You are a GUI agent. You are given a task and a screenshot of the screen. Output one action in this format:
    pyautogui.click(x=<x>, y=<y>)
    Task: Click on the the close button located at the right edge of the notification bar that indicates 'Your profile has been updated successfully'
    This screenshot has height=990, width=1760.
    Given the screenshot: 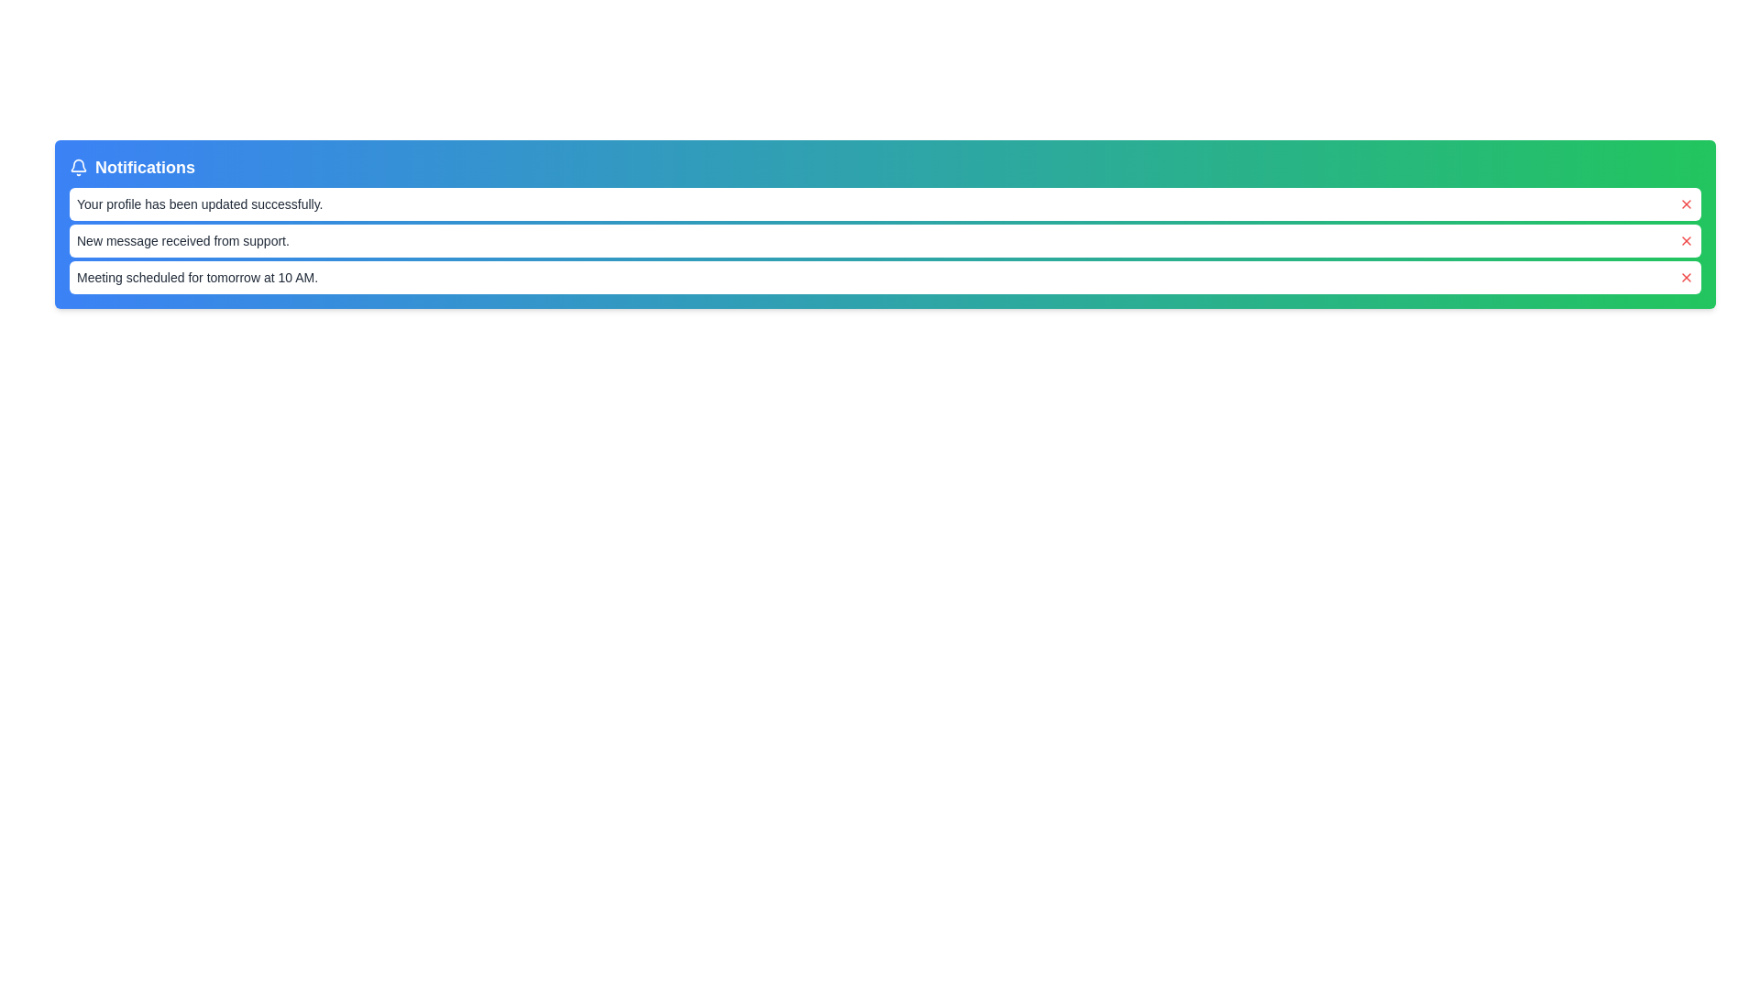 What is the action you would take?
    pyautogui.click(x=1686, y=204)
    